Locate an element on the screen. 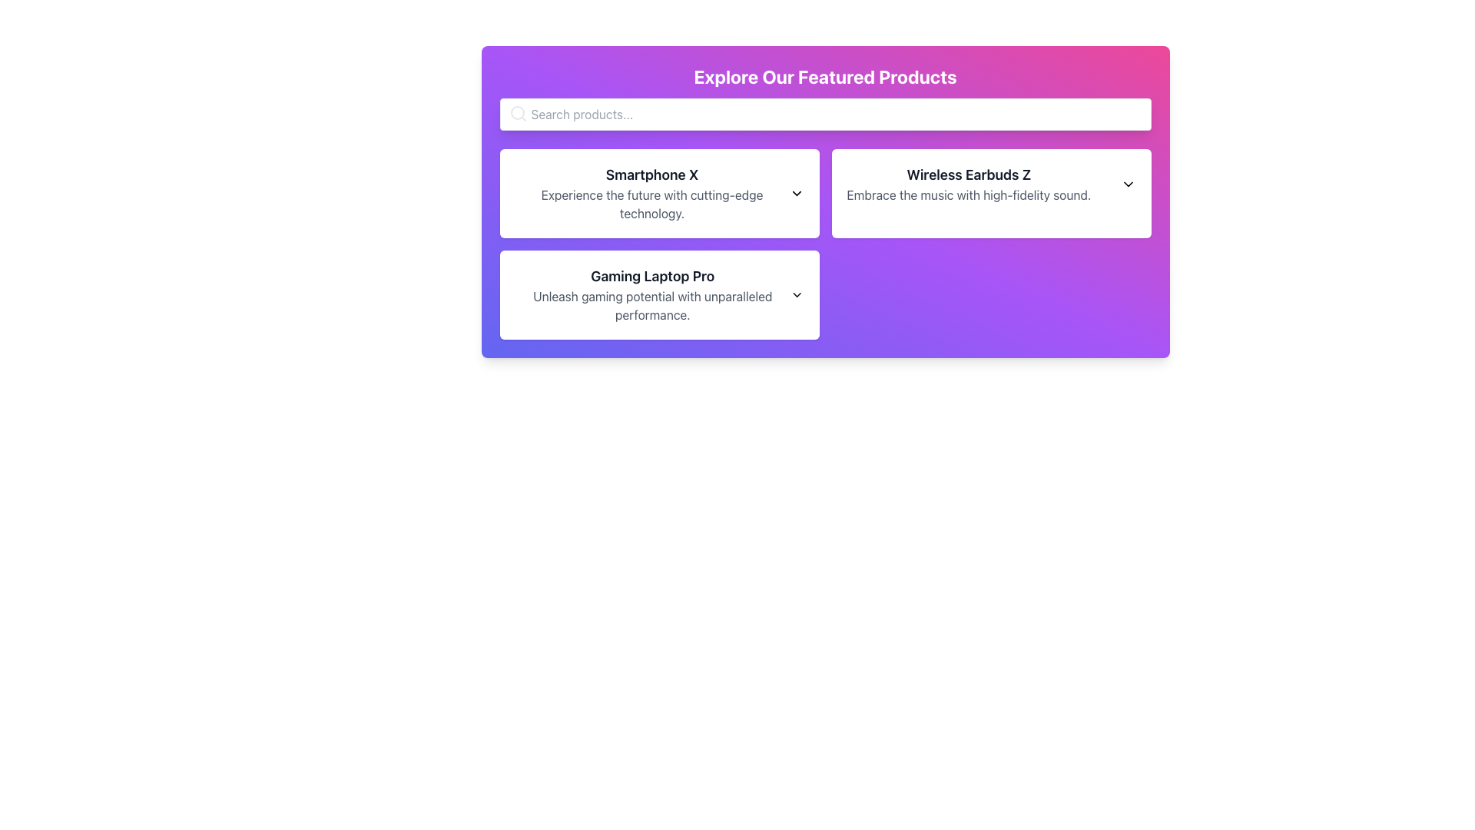 The image size is (1475, 830). descriptive text located beneath the title 'Wireless Earbuds Z' in the second row of the featured products listing is located at coordinates (968, 194).